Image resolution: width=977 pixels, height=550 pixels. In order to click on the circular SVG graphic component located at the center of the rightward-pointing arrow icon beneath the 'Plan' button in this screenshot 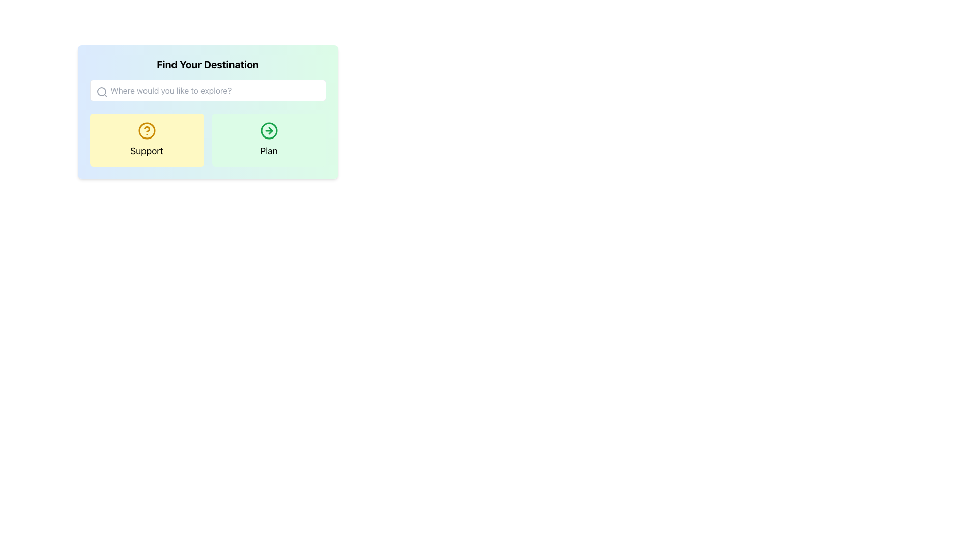, I will do `click(269, 130)`.